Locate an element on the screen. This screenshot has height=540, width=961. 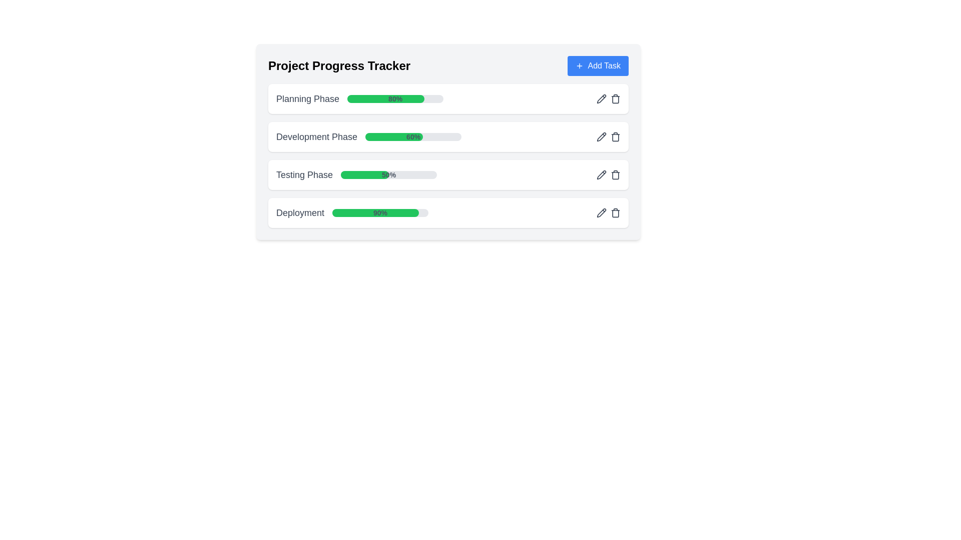
the trash icon button in the Deployment section is located at coordinates (615, 212).